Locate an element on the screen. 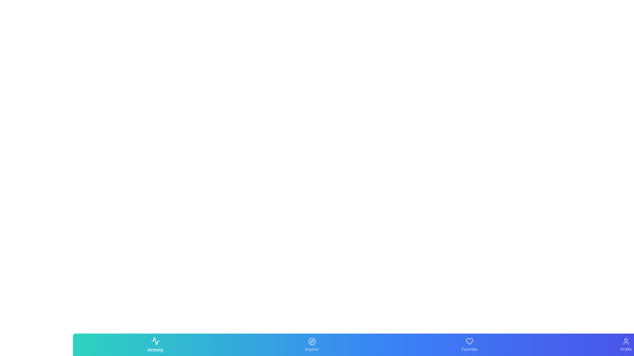 The image size is (634, 356). the Favorites tab icon is located at coordinates (469, 344).